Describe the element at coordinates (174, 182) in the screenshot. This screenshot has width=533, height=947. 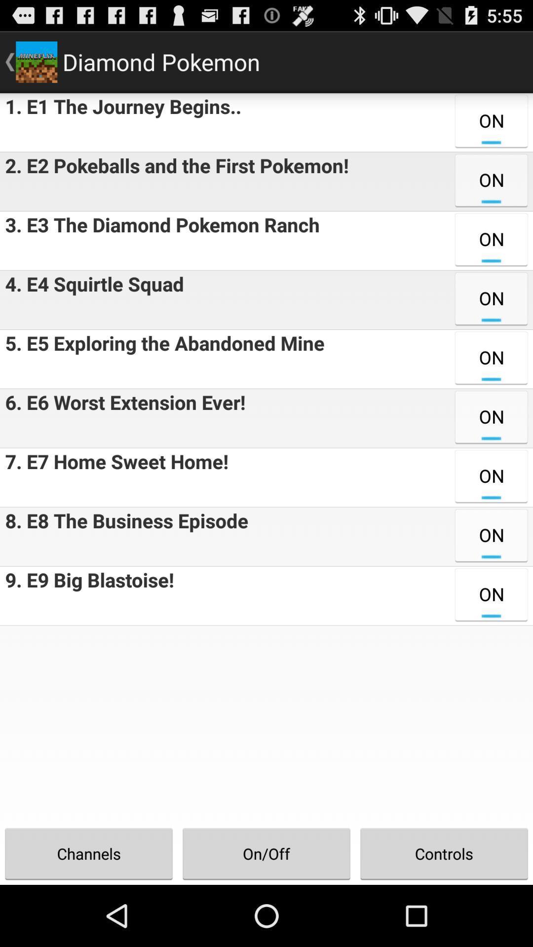
I see `the item to the left of on icon` at that location.